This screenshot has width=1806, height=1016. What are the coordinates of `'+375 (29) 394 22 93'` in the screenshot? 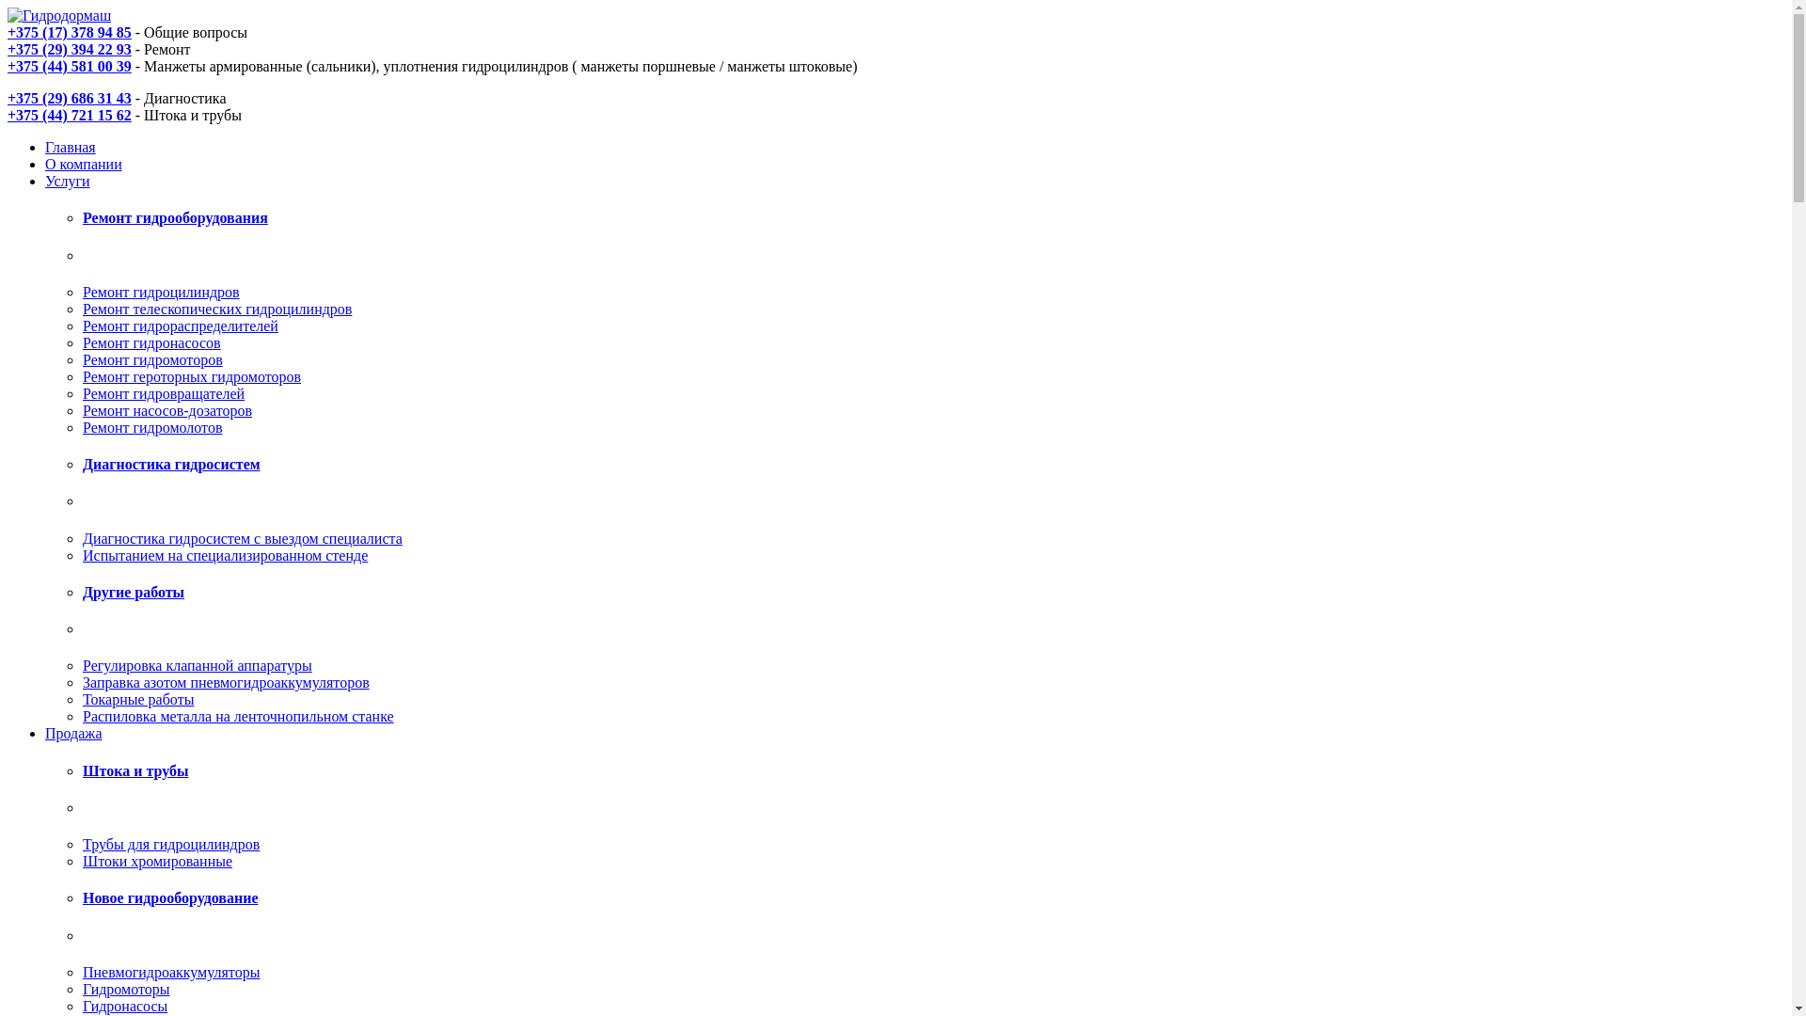 It's located at (69, 48).